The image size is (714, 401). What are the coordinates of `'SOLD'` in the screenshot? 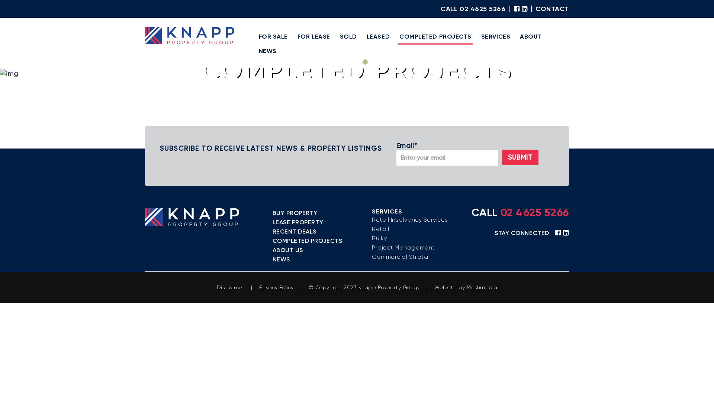 It's located at (338, 37).